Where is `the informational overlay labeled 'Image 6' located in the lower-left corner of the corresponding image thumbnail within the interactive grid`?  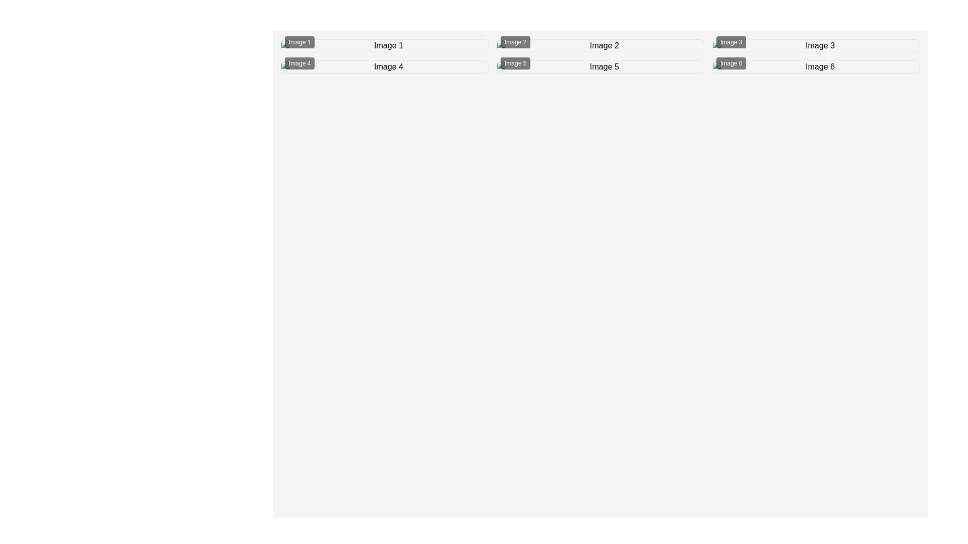
the informational overlay labeled 'Image 6' located in the lower-left corner of the corresponding image thumbnail within the interactive grid is located at coordinates (731, 63).